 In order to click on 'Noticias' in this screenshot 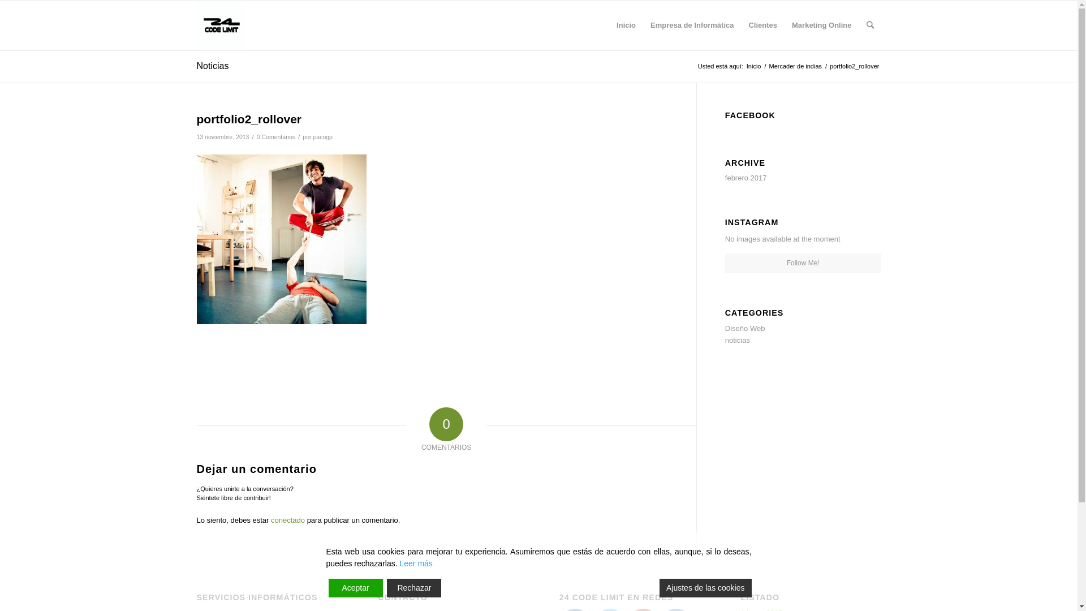, I will do `click(213, 66)`.